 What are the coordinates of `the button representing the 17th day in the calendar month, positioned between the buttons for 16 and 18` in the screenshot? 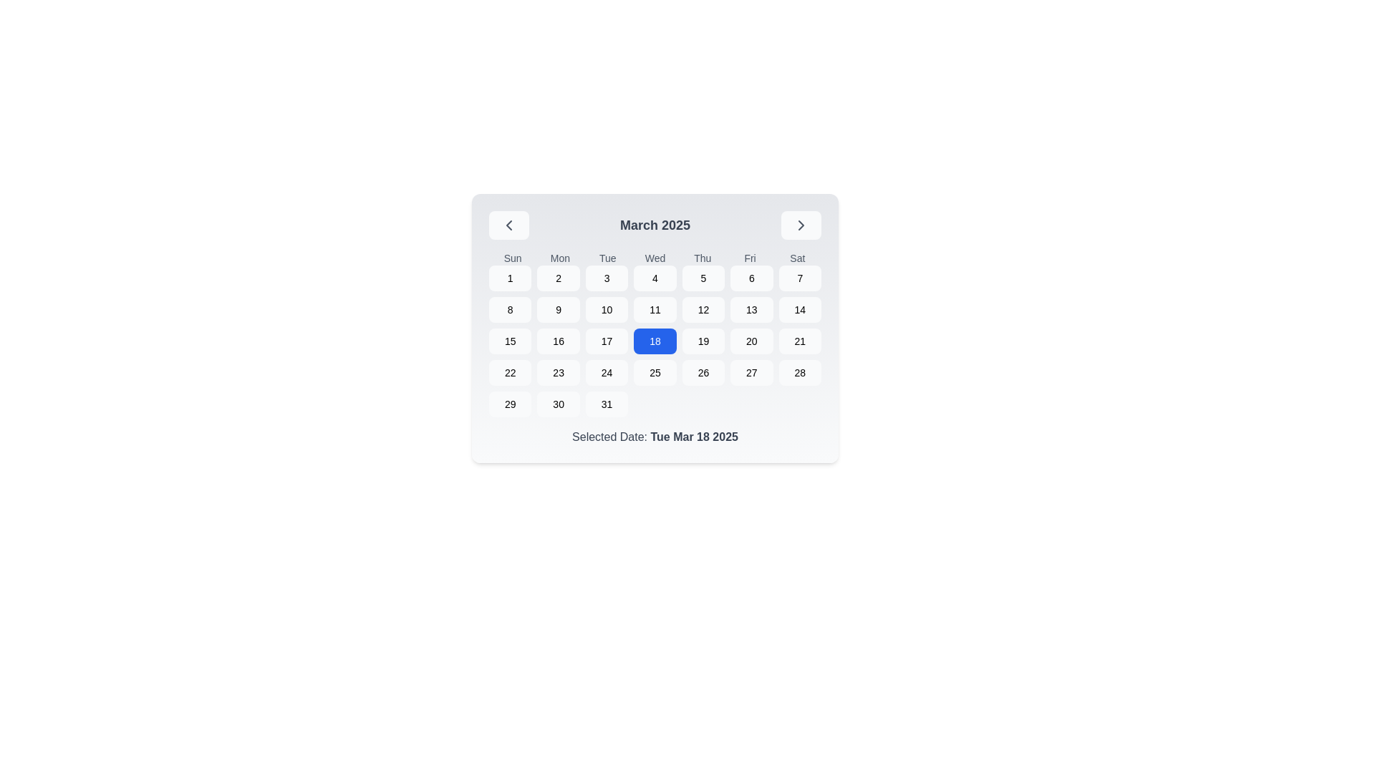 It's located at (607, 341).